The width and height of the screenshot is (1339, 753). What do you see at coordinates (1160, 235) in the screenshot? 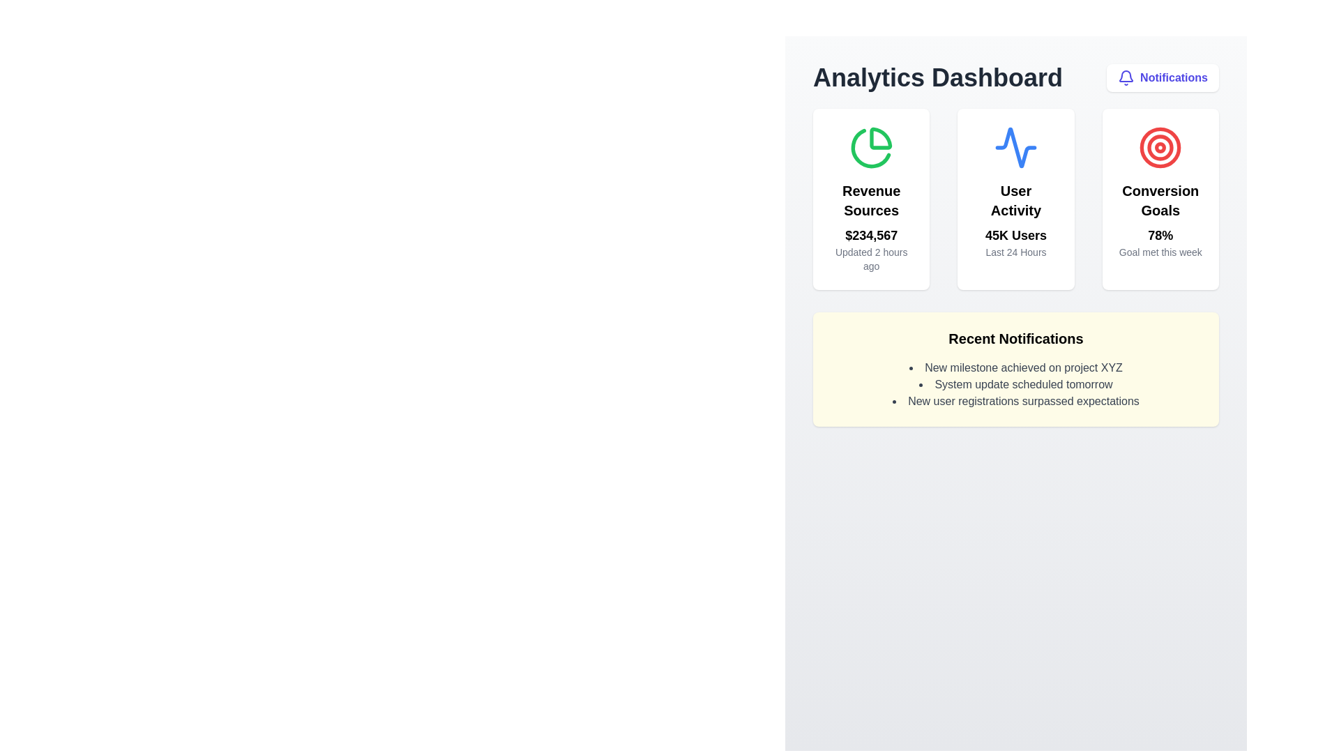
I see `the text label that displays the percentage of completion toward a conversion goal, which is centrally located below the 'Conversion Goals' heading` at bounding box center [1160, 235].